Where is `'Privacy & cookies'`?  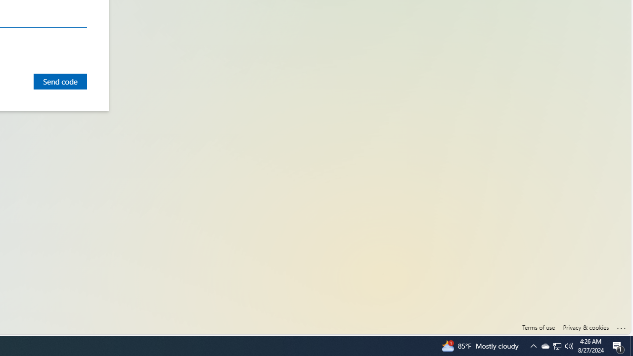 'Privacy & cookies' is located at coordinates (586, 327).